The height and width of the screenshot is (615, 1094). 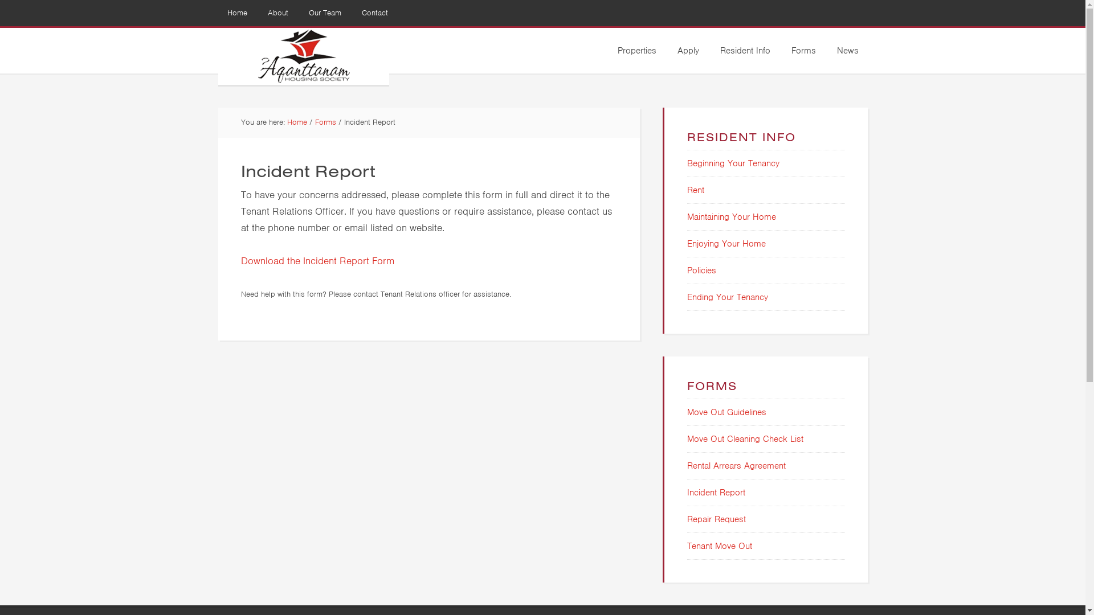 I want to click on 'Beginning Your Tenancy', so click(x=686, y=163).